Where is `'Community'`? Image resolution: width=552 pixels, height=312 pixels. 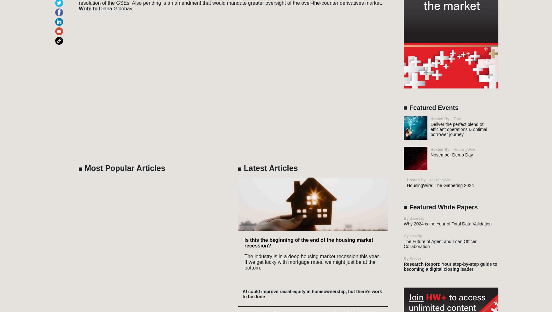 'Community' is located at coordinates (187, 227).